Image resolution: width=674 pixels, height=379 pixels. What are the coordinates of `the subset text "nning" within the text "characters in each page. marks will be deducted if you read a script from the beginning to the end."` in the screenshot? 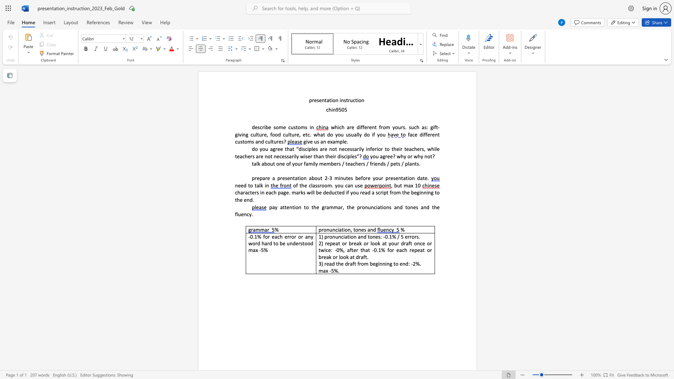 It's located at (421, 192).